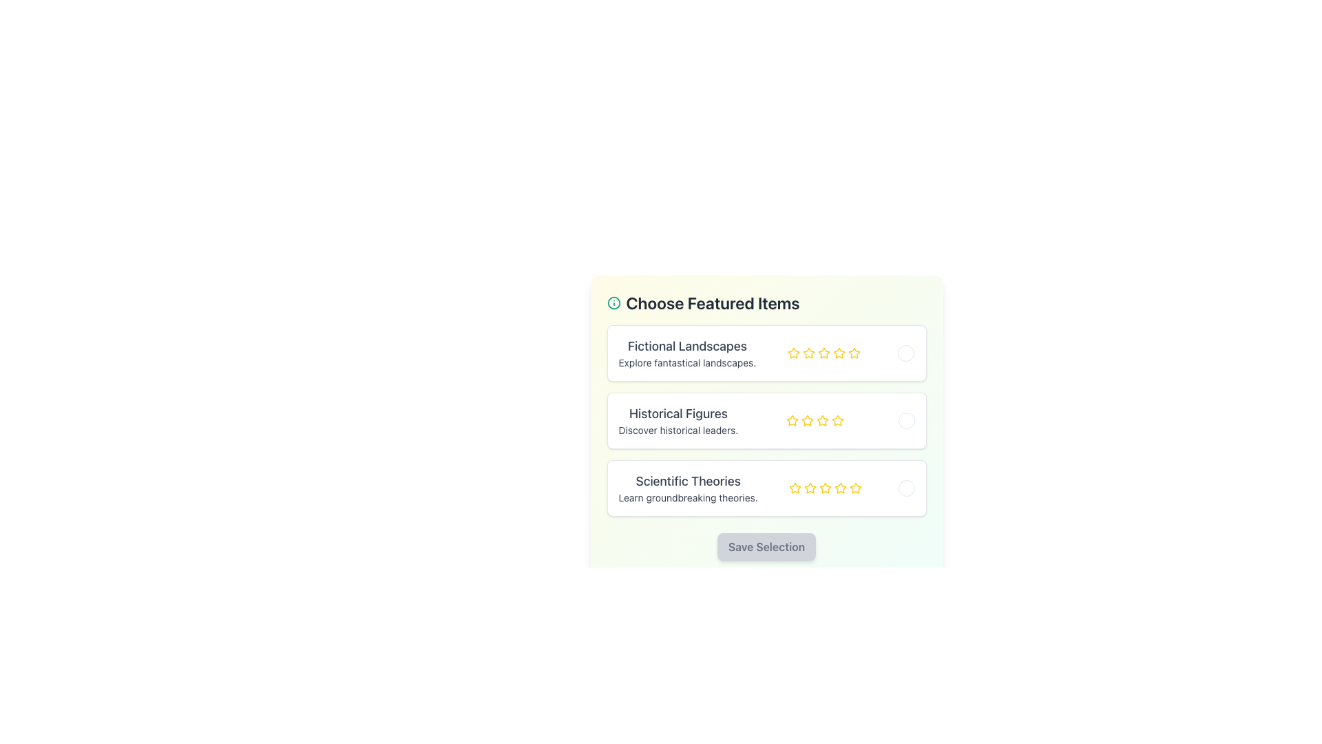  What do you see at coordinates (810, 488) in the screenshot?
I see `the second star icon in the rating system for the 'Scientific Theories' section to indicate a rating level` at bounding box center [810, 488].